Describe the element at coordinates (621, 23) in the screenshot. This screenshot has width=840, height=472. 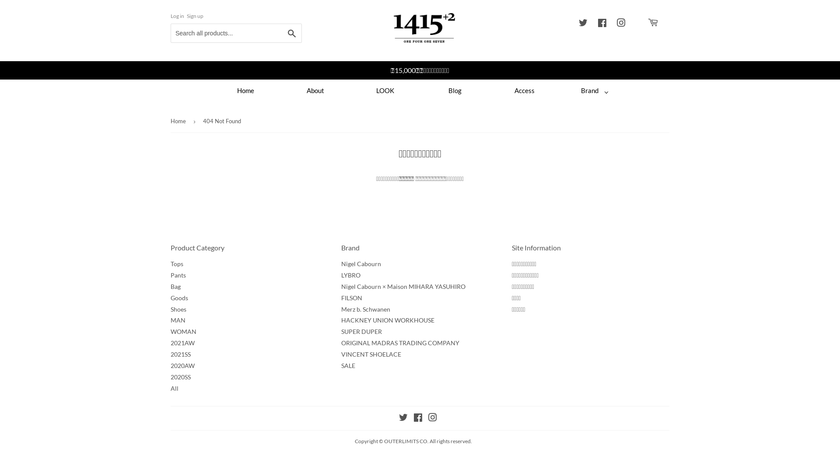
I see `'Instagram'` at that location.